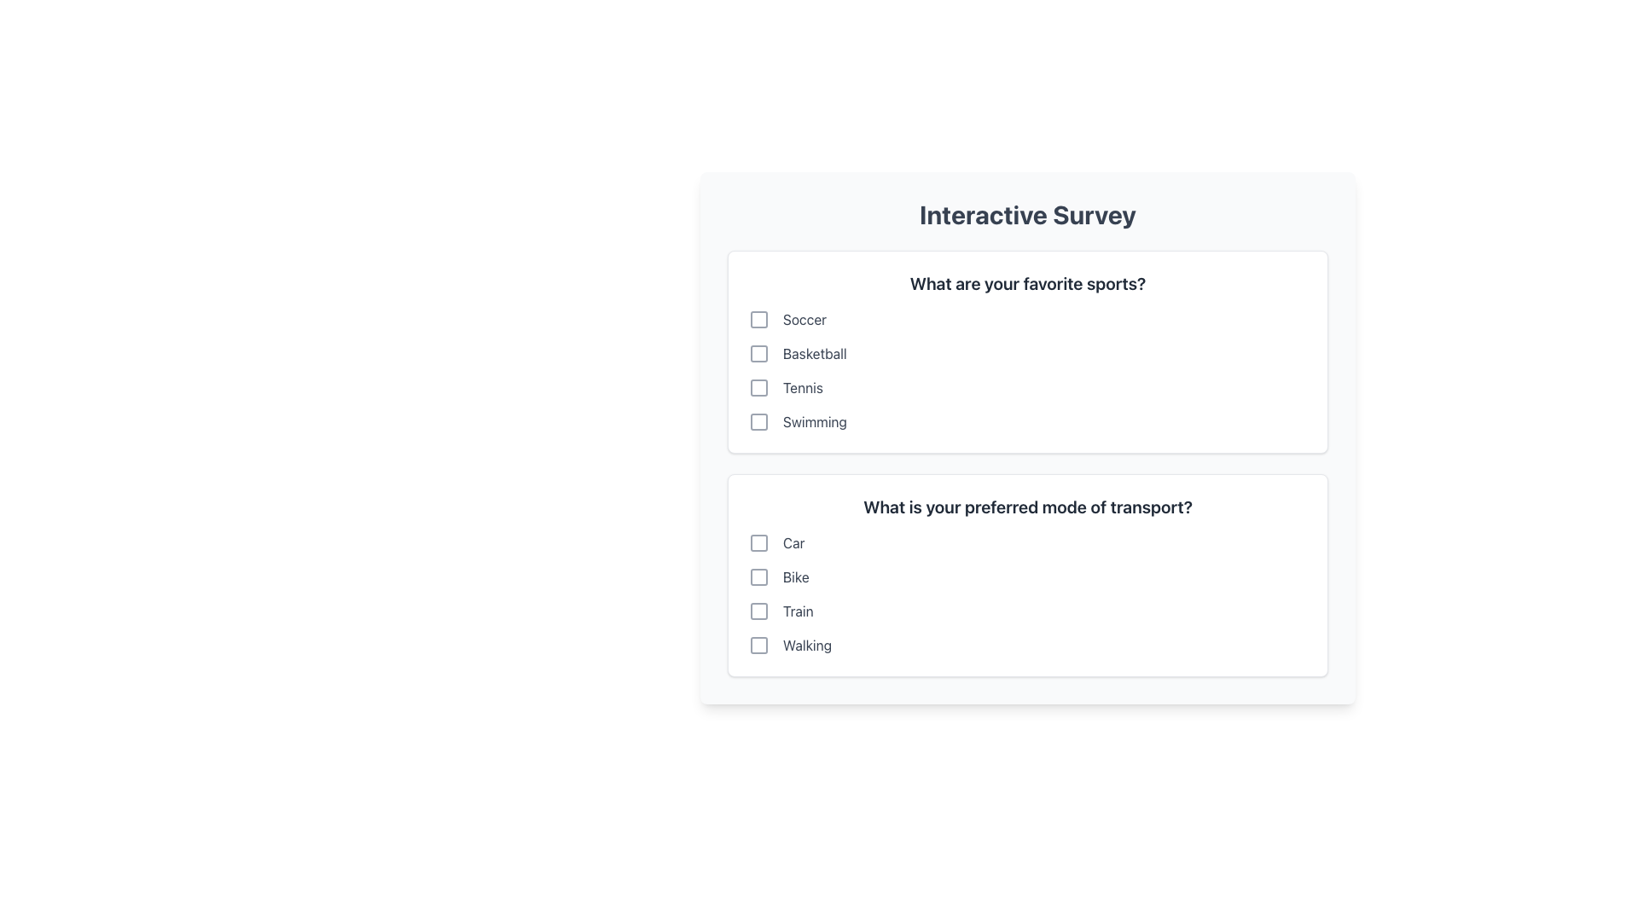 The height and width of the screenshot is (921, 1638). I want to click on the checkbox labeled 'Tennis', so click(1026, 388).